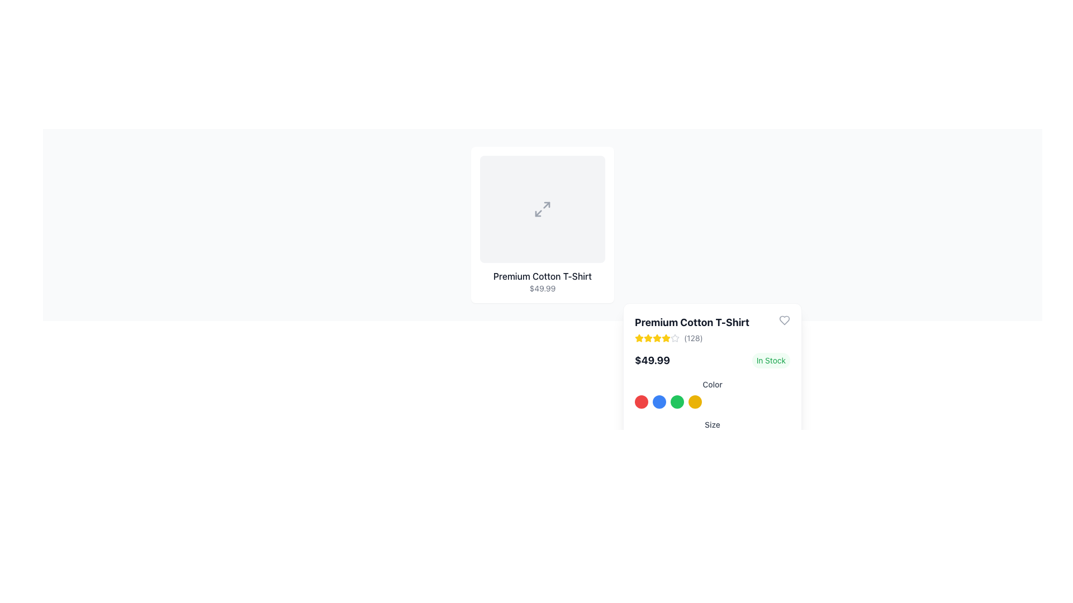  Describe the element at coordinates (542, 276) in the screenshot. I see `the product title text located beneath the image placeholder and above the price text '$49.99'` at that location.